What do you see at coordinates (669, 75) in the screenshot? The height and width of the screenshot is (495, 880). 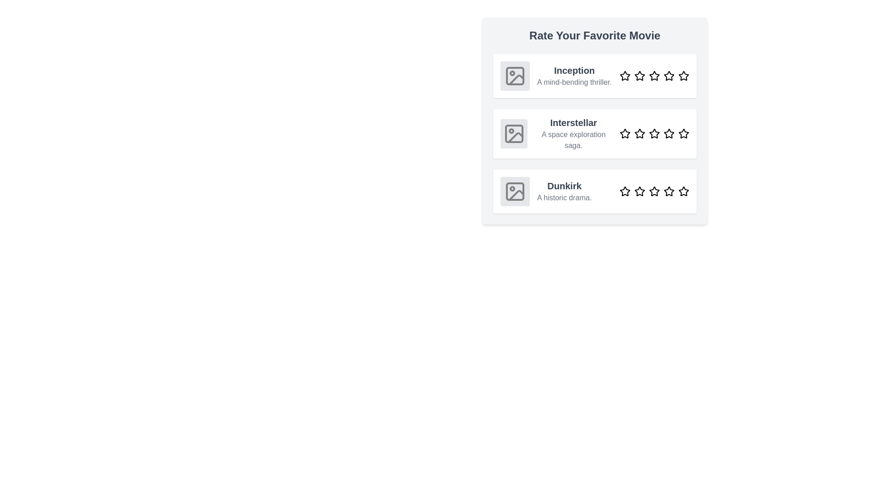 I see `the fourth star icon in the rating area for the movie 'Inception'` at bounding box center [669, 75].